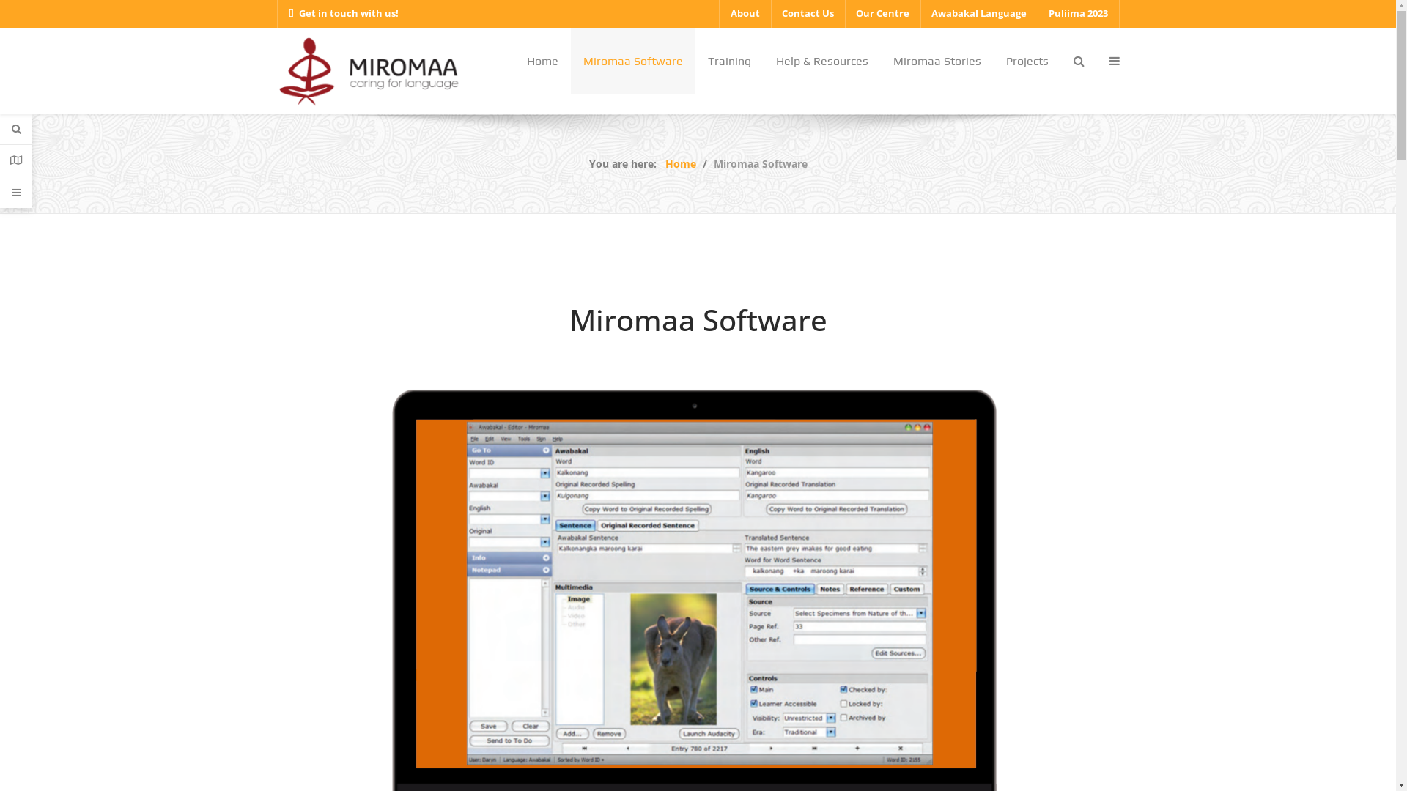 The height and width of the screenshot is (791, 1407). What do you see at coordinates (16, 160) in the screenshot?
I see `'Contacts'` at bounding box center [16, 160].